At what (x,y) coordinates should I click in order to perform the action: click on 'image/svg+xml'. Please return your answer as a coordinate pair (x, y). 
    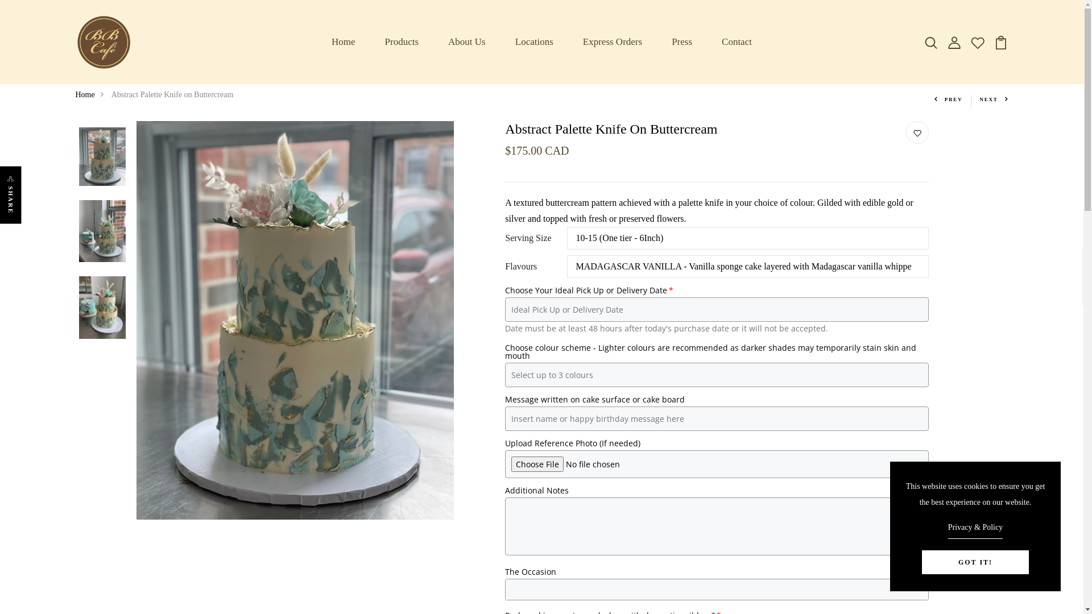
    Looking at the image, I should click on (930, 40).